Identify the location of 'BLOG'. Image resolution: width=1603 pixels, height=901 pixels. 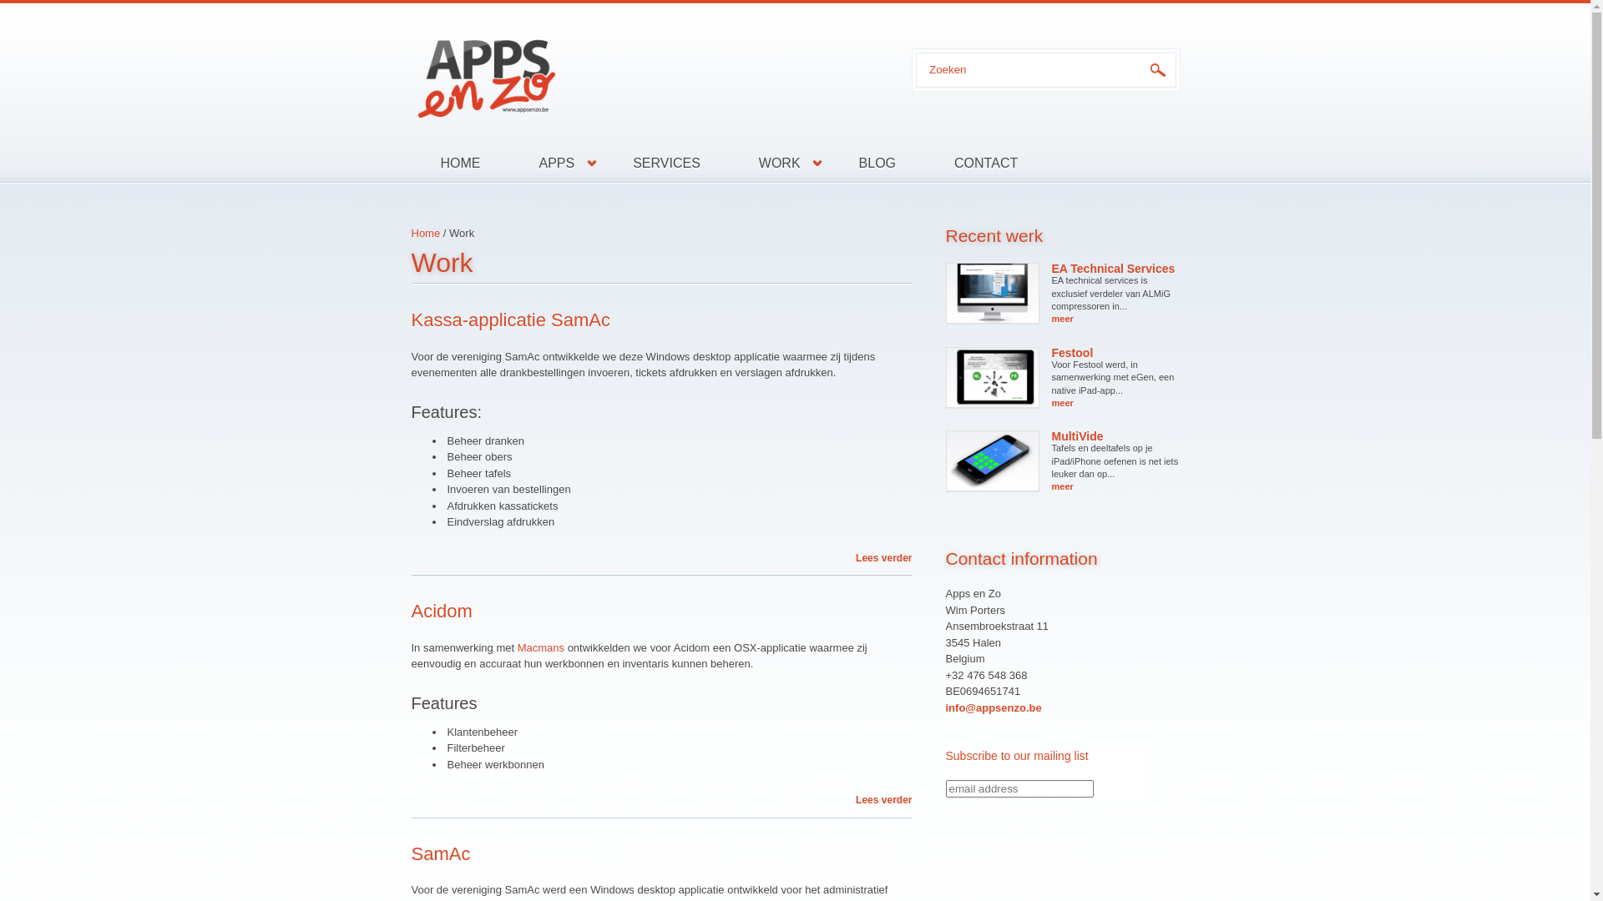
(877, 164).